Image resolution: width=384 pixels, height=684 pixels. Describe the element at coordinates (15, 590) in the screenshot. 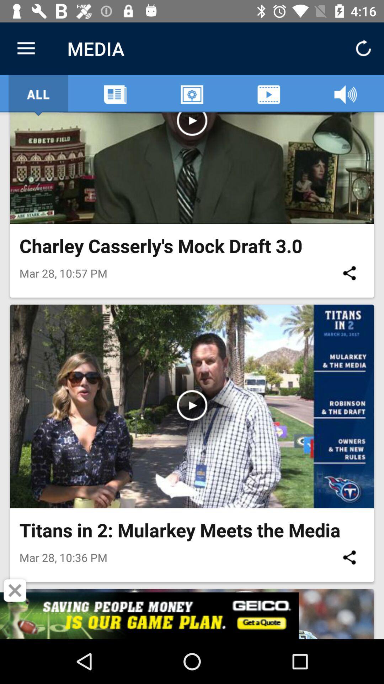

I see `item below the mar 28 10 item` at that location.